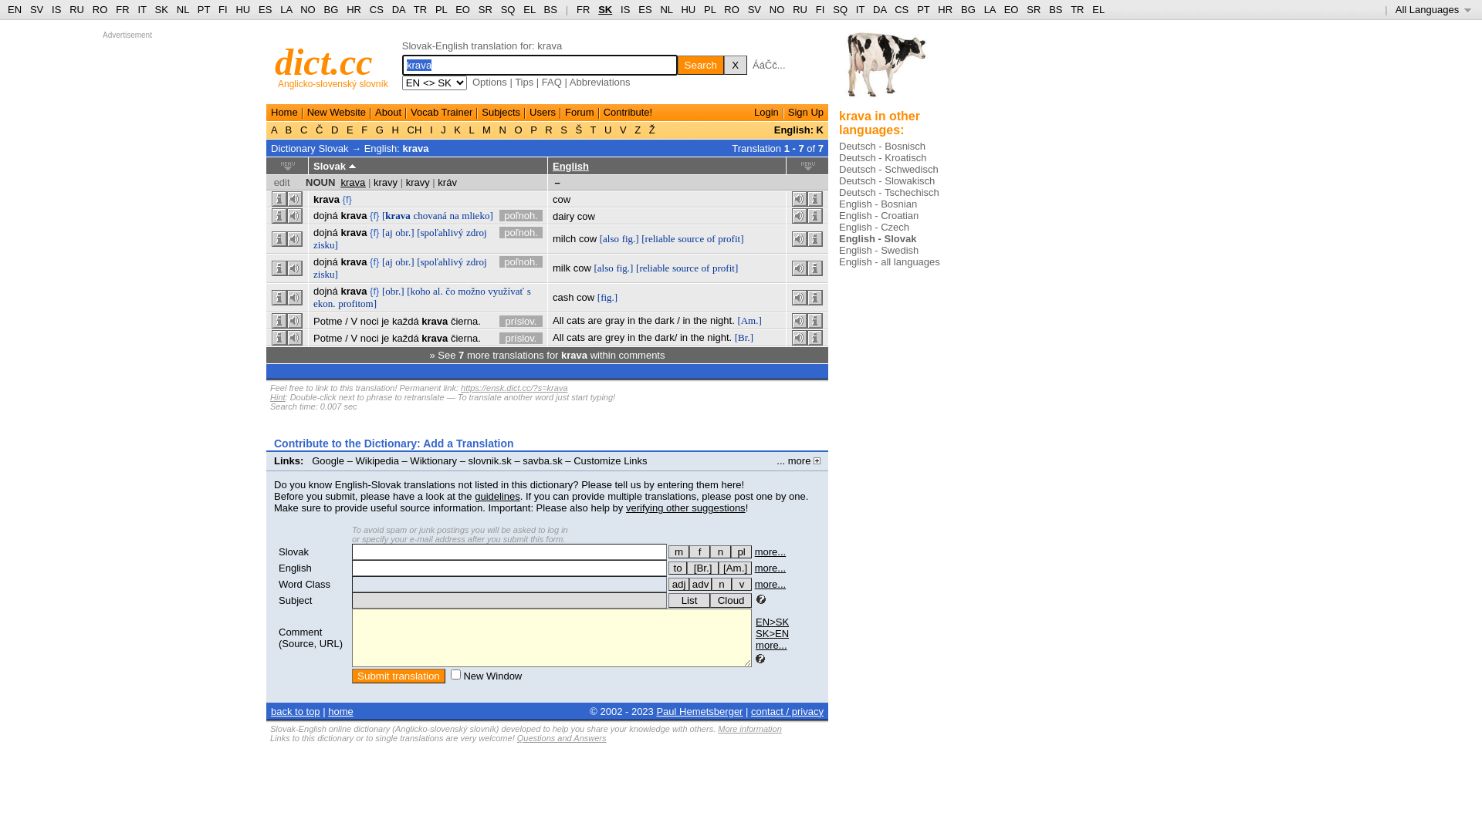  I want to click on '[also', so click(602, 267).